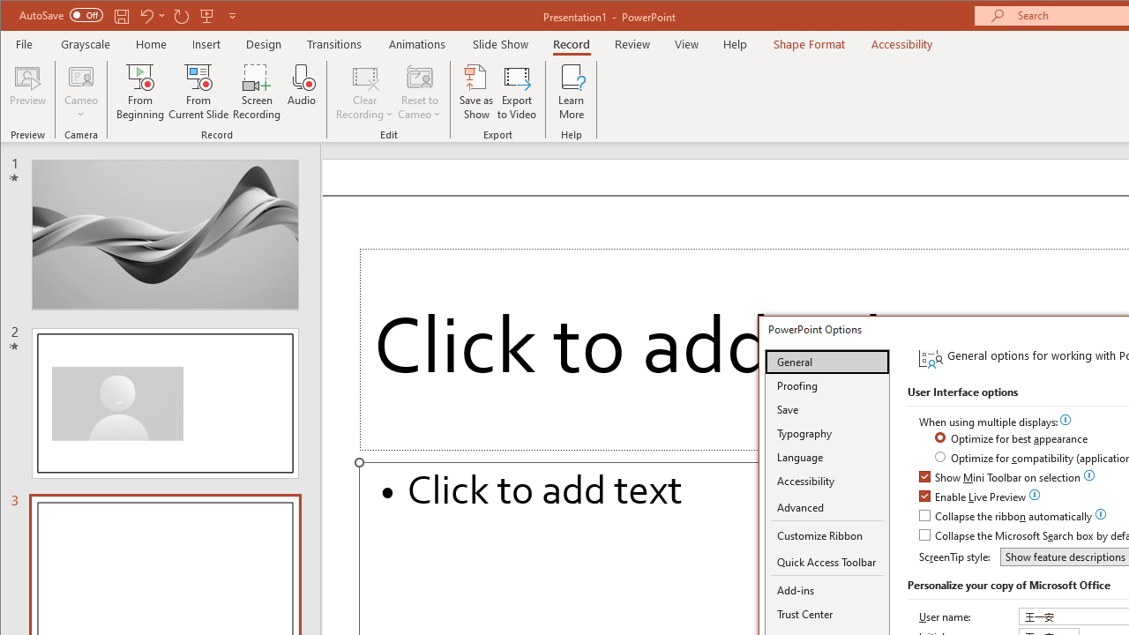  I want to click on 'From Beginning...', so click(141, 92).